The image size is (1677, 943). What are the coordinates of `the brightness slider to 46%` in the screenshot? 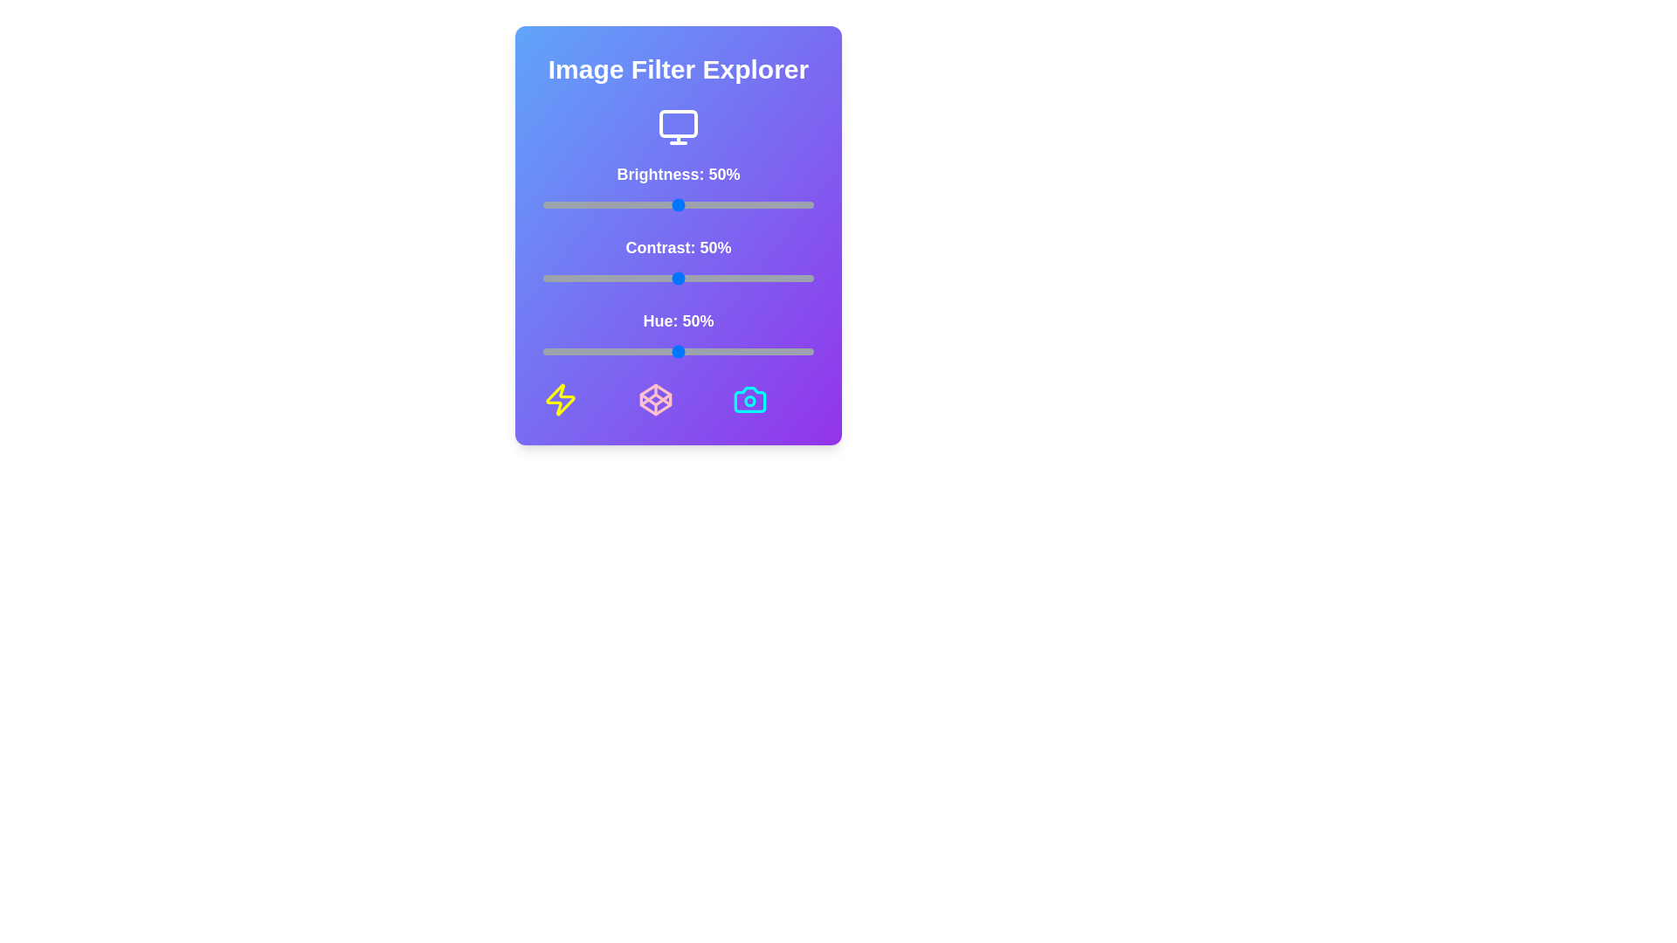 It's located at (666, 204).